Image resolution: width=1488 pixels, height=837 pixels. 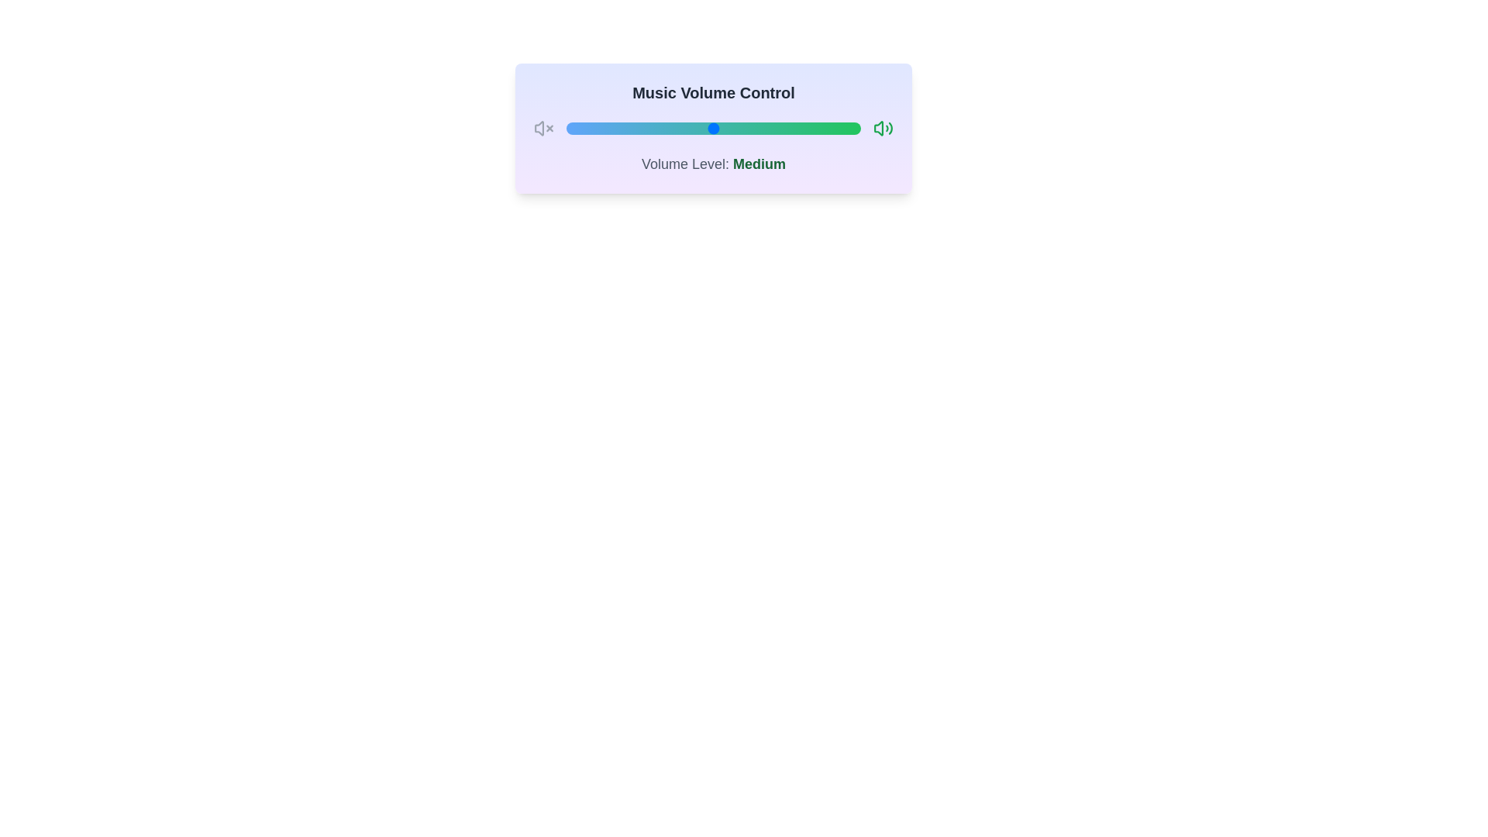 What do you see at coordinates (689, 127) in the screenshot?
I see `the volume to 42 by interacting with the slider` at bounding box center [689, 127].